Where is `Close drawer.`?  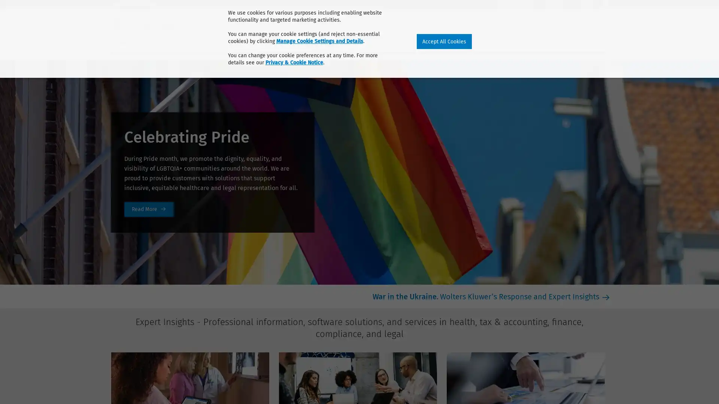 Close drawer. is located at coordinates (605, 22).